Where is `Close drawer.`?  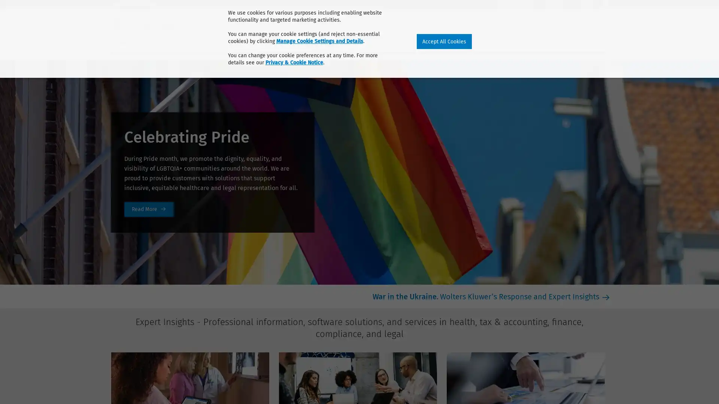 Close drawer. is located at coordinates (605, 22).